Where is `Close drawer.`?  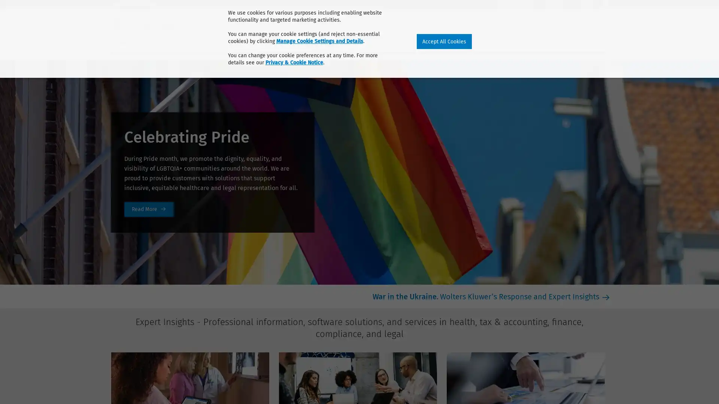 Close drawer. is located at coordinates (605, 22).